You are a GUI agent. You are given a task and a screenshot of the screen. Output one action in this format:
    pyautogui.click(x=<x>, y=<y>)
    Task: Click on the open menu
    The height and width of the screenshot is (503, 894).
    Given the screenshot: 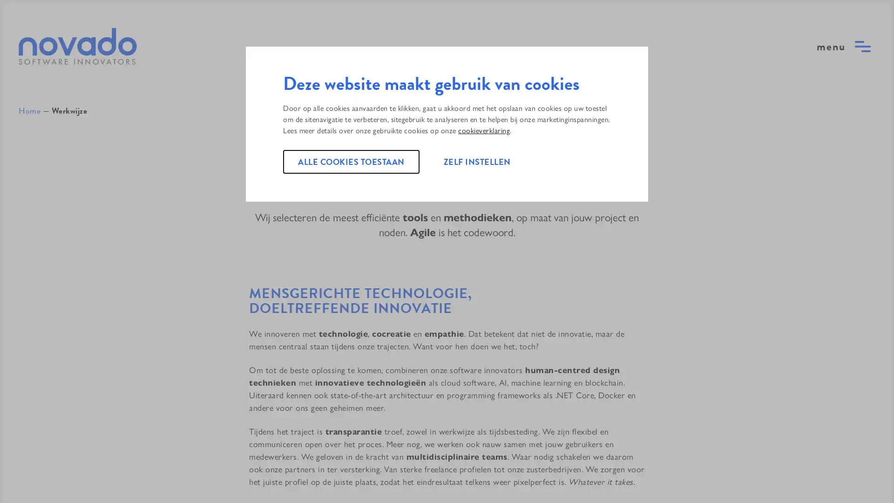 What is the action you would take?
    pyautogui.click(x=843, y=47)
    